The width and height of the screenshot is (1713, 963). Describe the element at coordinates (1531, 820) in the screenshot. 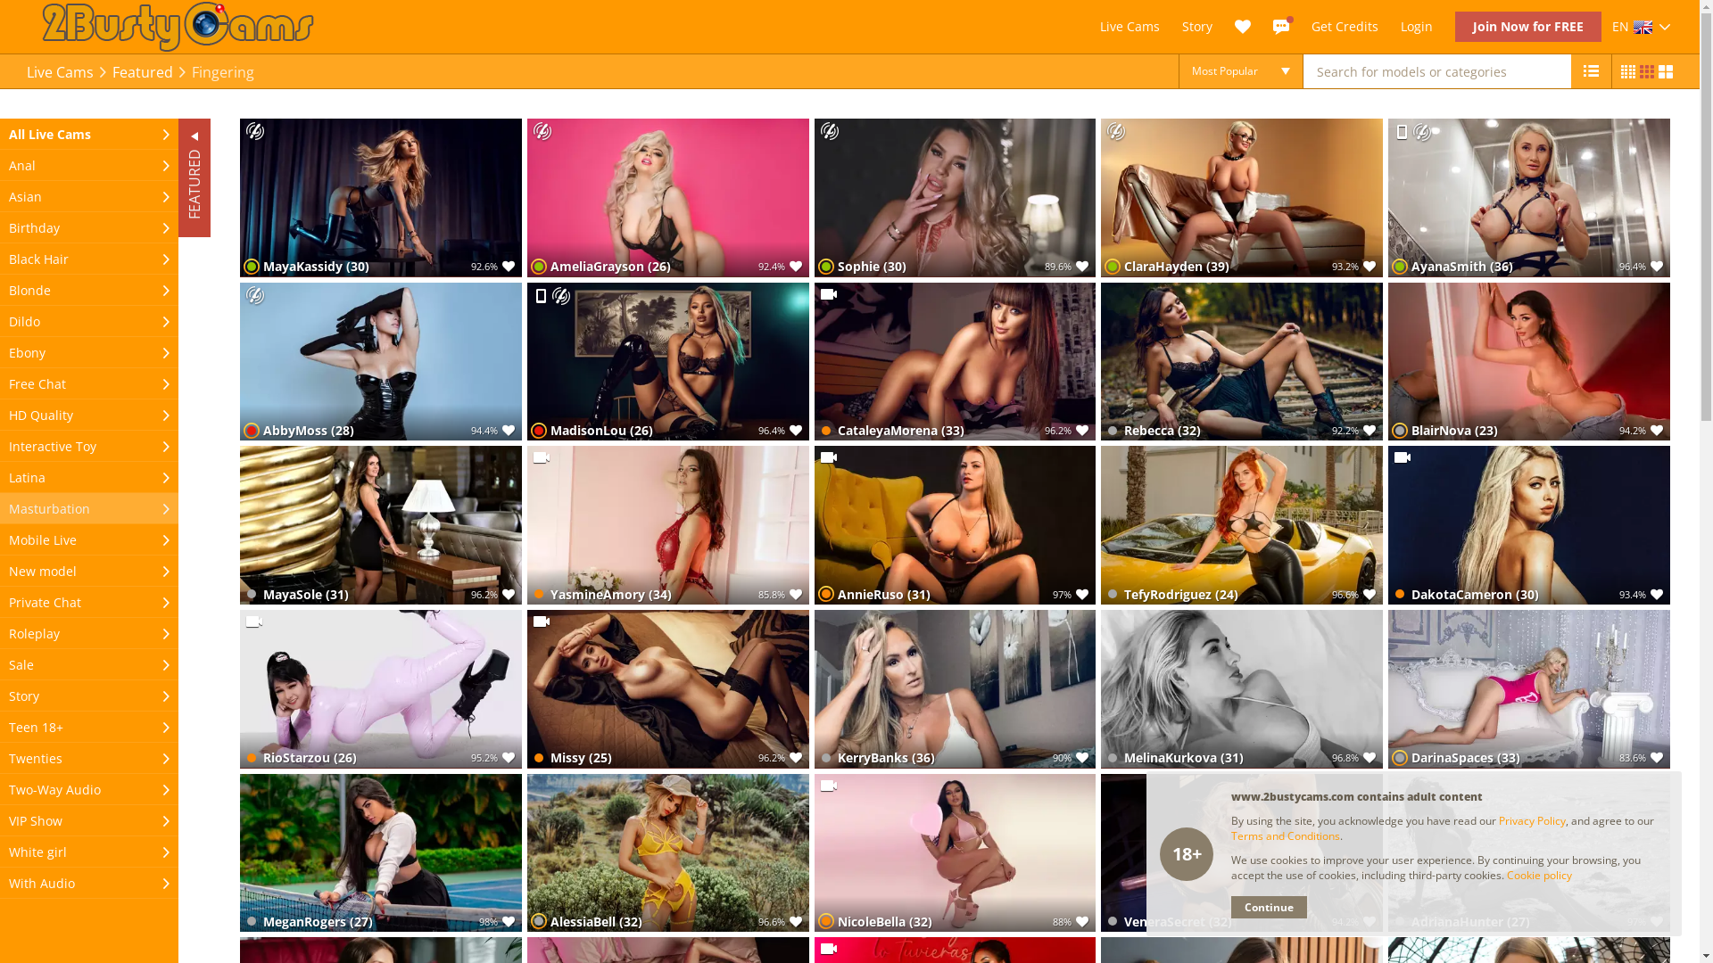

I see `'Privacy Policy'` at that location.